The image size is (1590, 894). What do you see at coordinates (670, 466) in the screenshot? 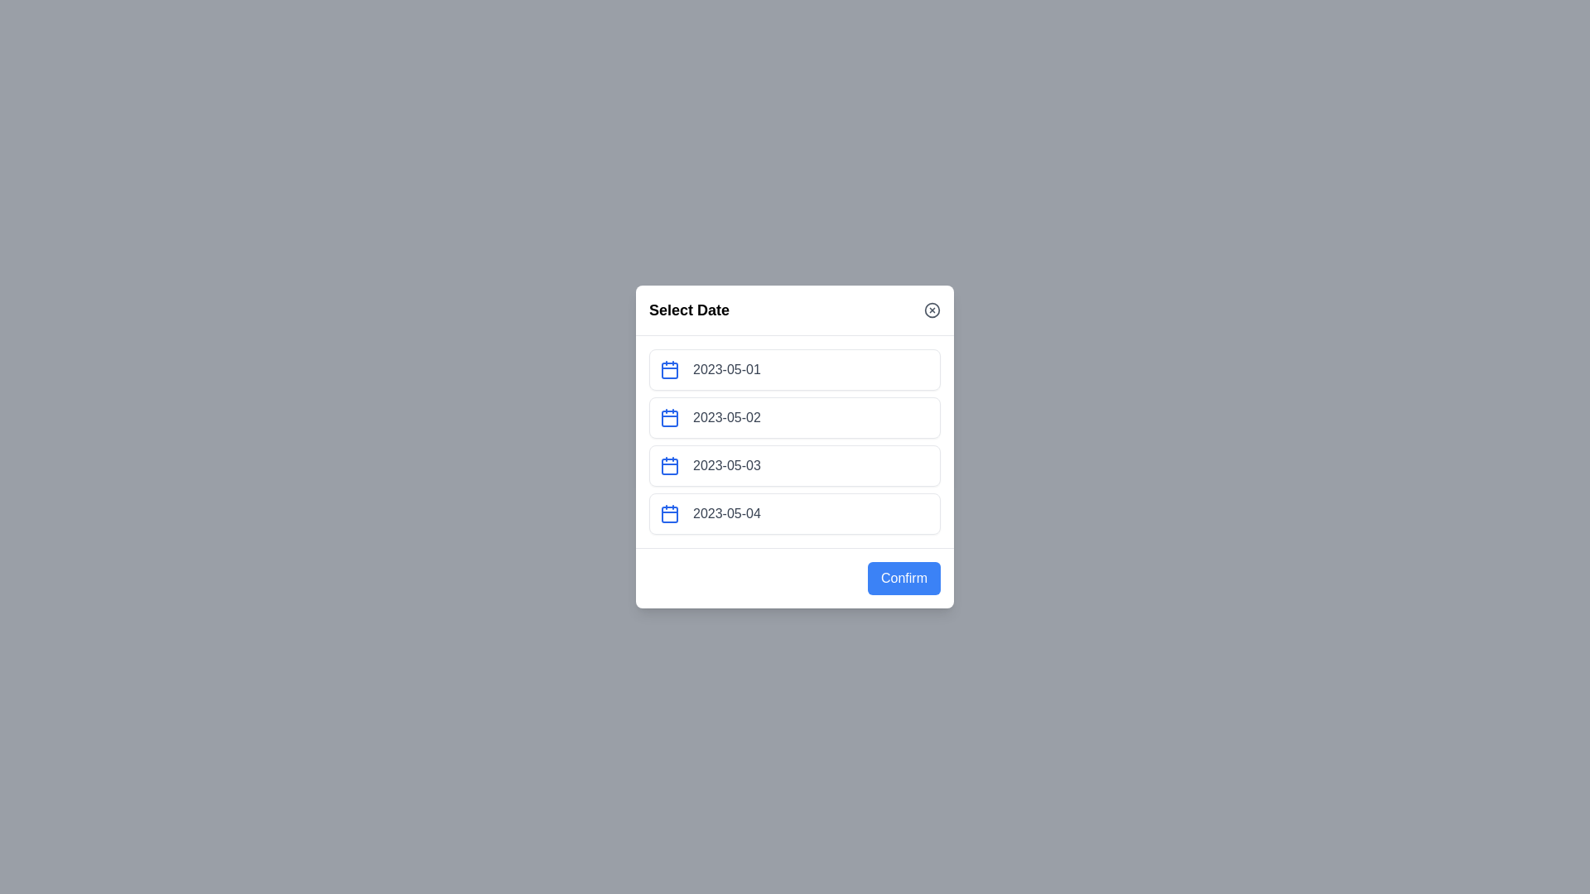
I see `the calendar icon next to the date 2023-05-03` at bounding box center [670, 466].